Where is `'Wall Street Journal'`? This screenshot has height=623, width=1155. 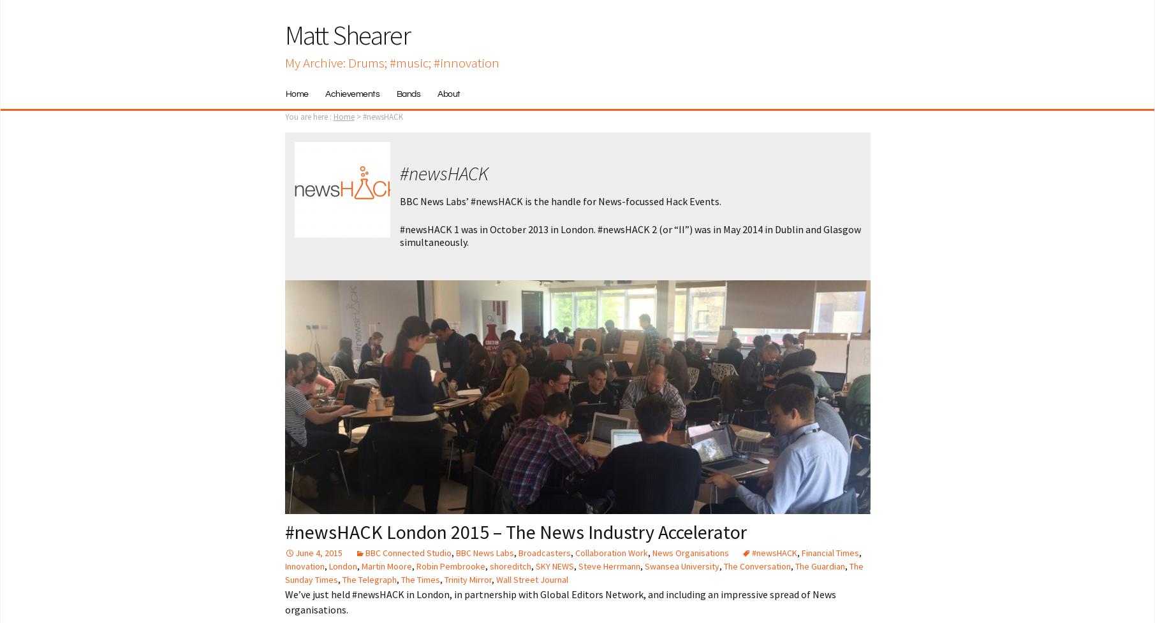
'Wall Street Journal' is located at coordinates (531, 579).